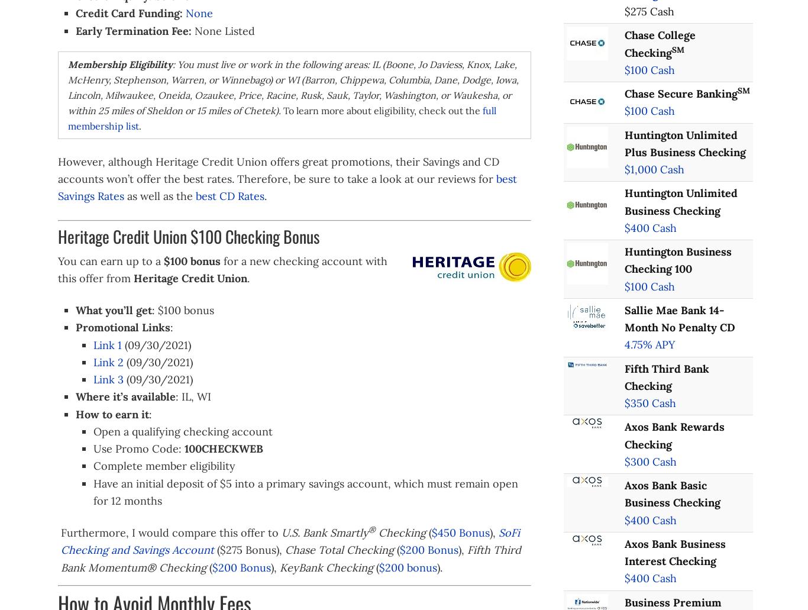  Describe the element at coordinates (75, 414) in the screenshot. I see `'How to earn it'` at that location.